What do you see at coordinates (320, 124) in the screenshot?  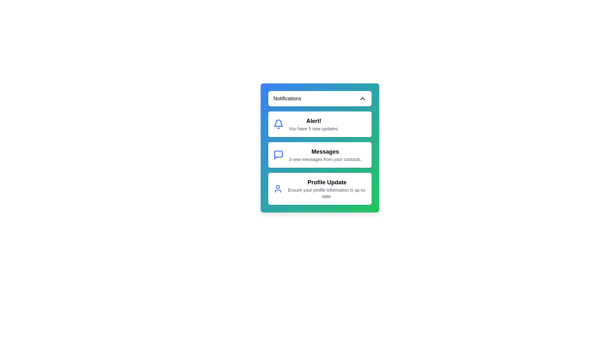 I see `the notification titled 'Alert!' to select it` at bounding box center [320, 124].